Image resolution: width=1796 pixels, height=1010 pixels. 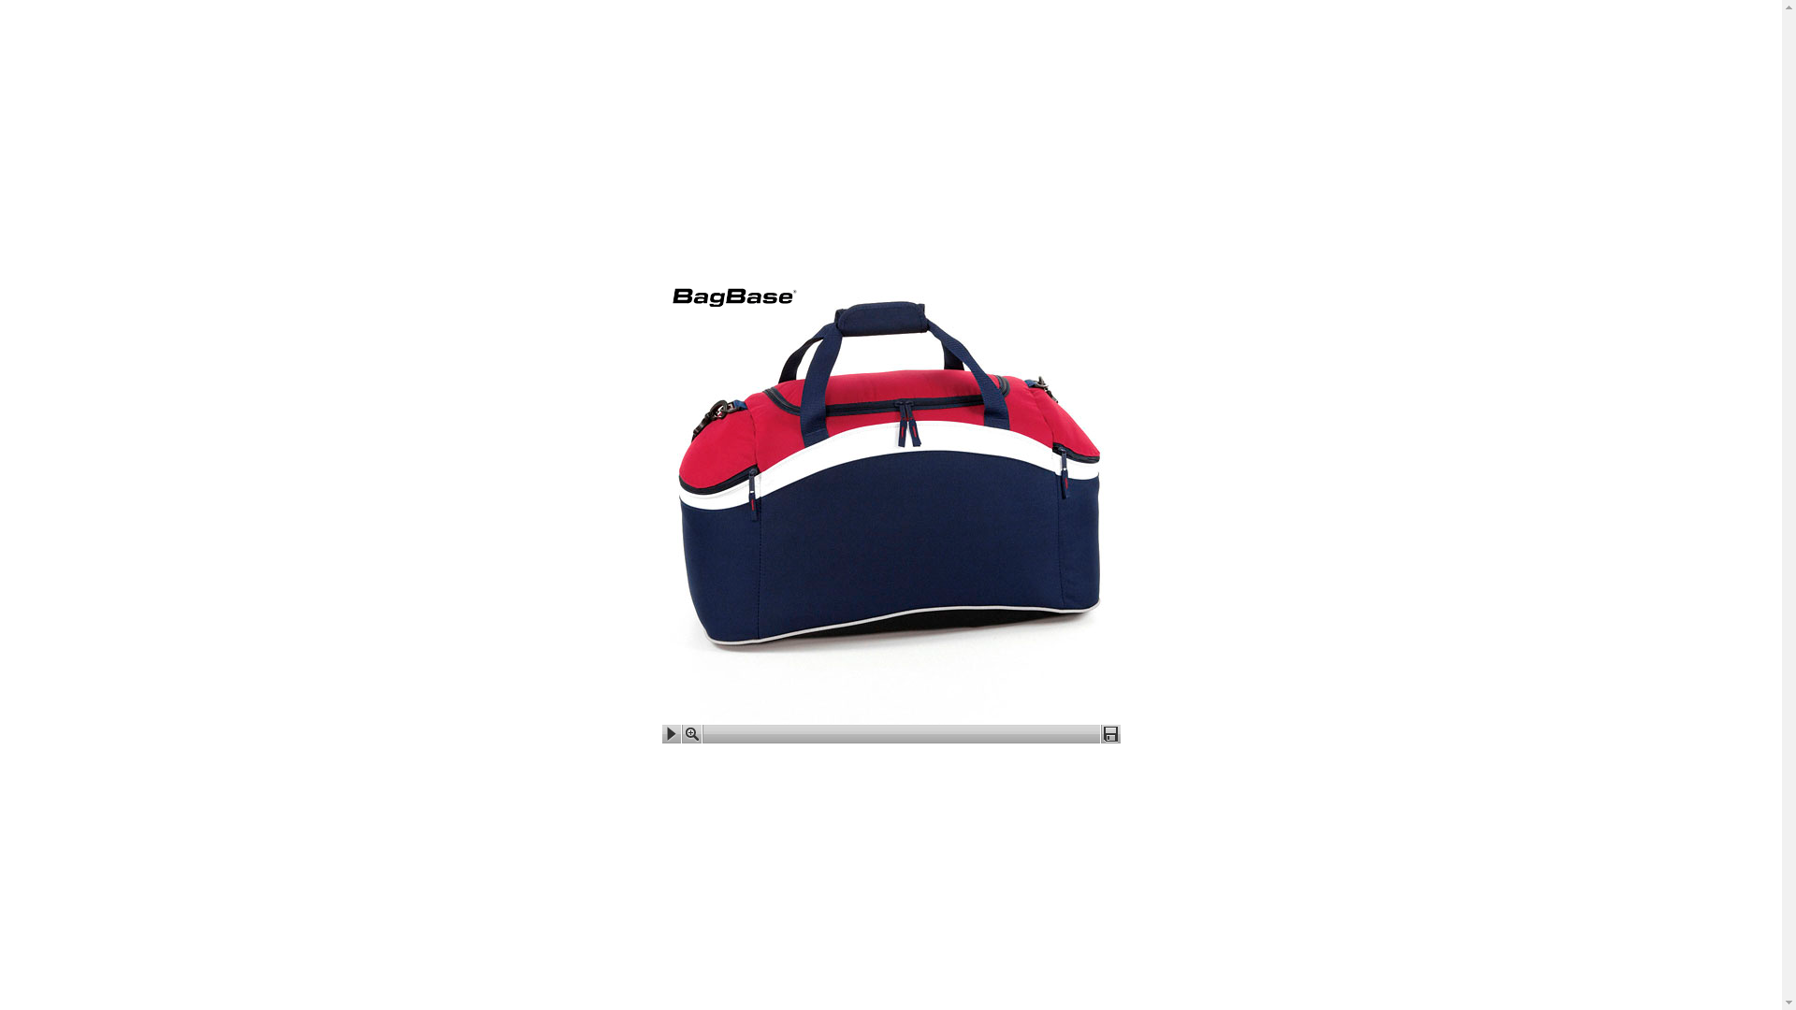 I want to click on 'Download', so click(x=1109, y=733).